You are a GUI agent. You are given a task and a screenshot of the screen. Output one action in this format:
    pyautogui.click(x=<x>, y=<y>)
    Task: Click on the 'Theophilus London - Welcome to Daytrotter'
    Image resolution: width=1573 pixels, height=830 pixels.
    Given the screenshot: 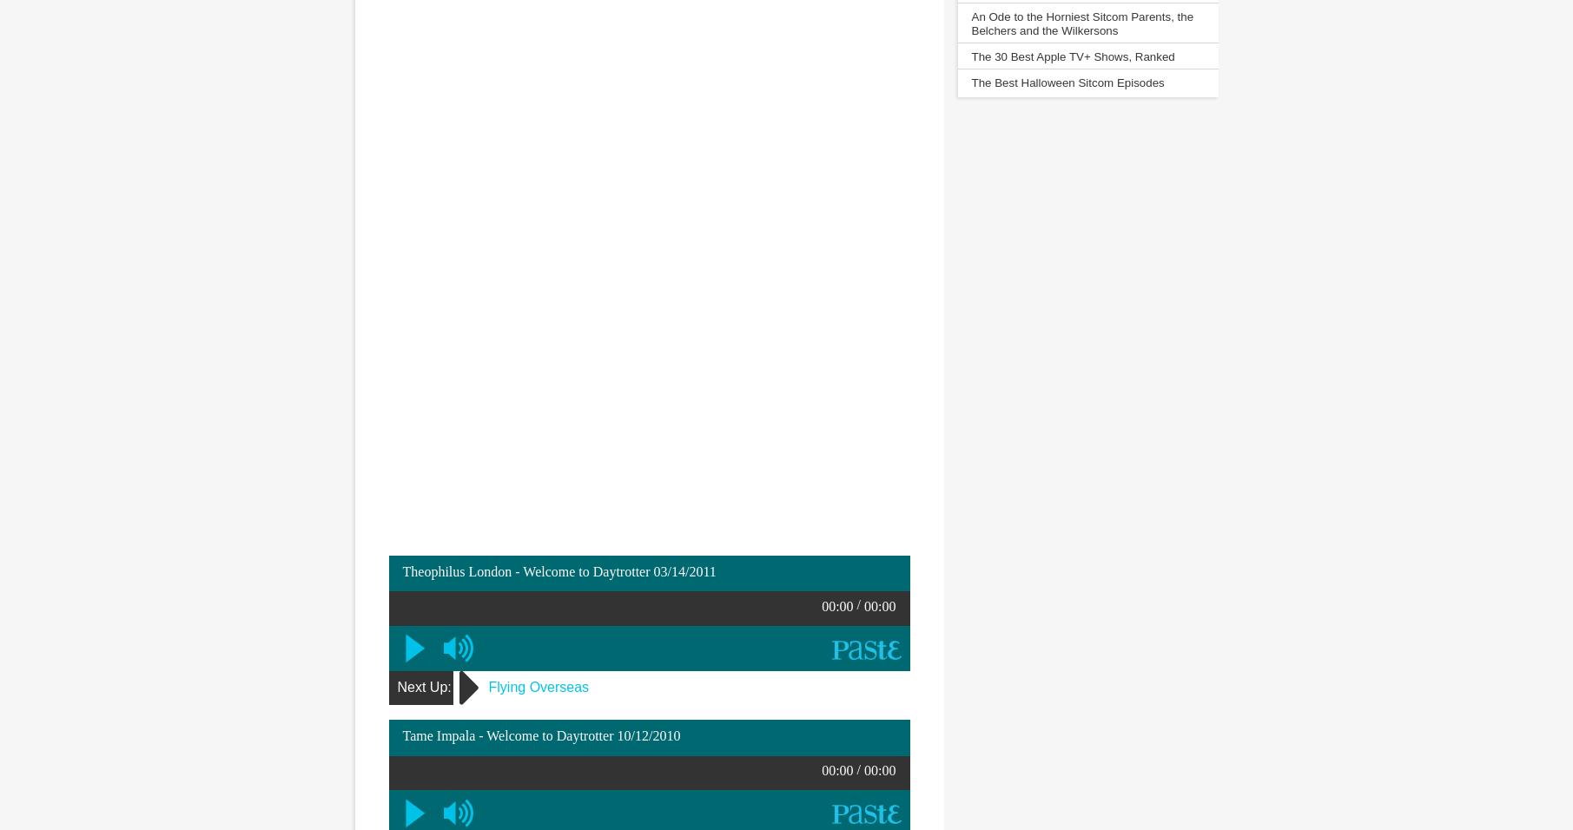 What is the action you would take?
    pyautogui.click(x=527, y=571)
    